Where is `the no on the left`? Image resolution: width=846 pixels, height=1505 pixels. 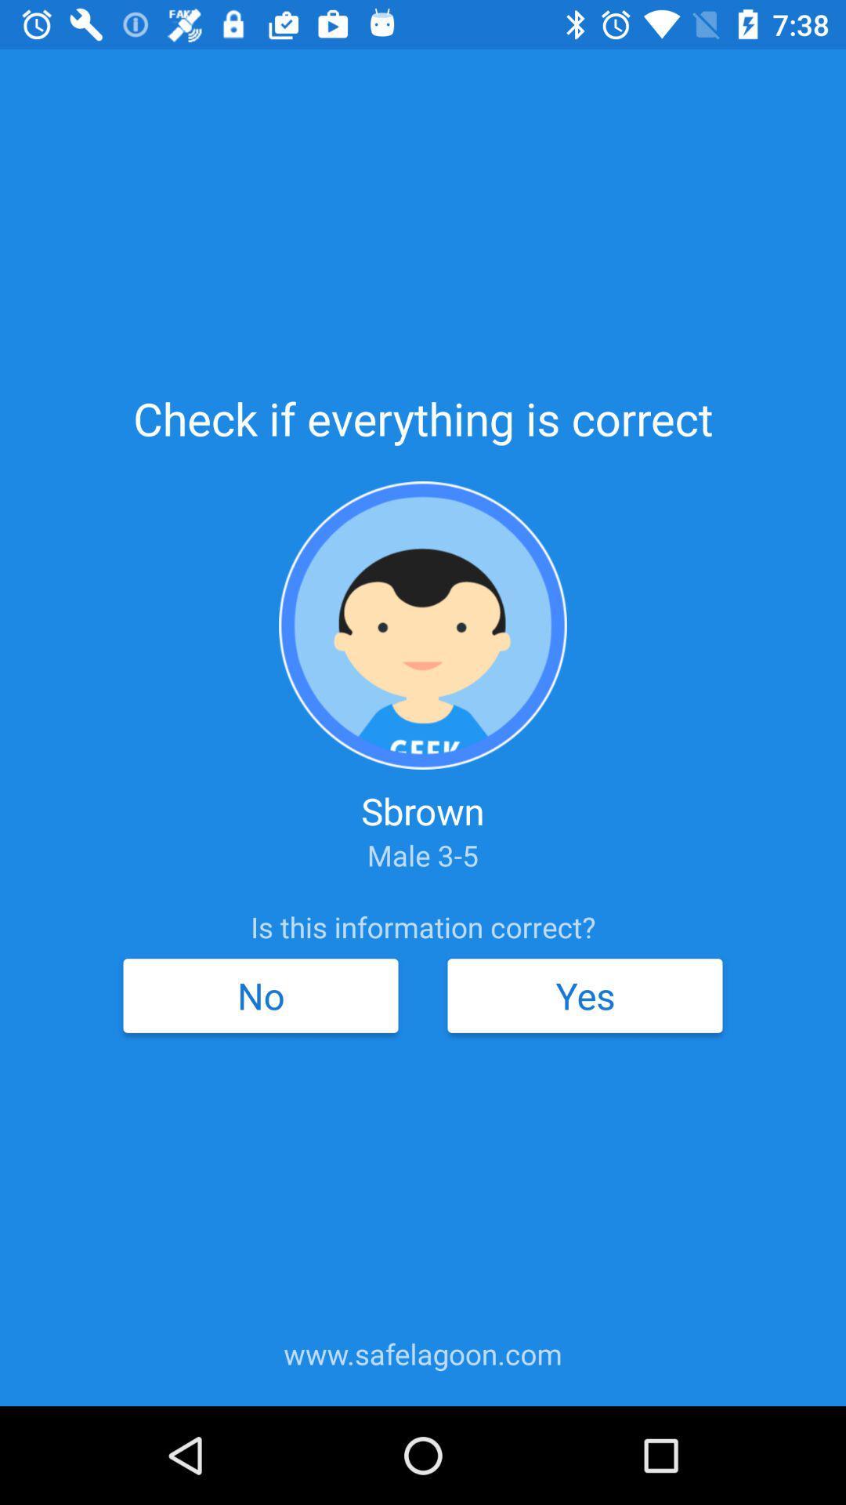
the no on the left is located at coordinates (259, 995).